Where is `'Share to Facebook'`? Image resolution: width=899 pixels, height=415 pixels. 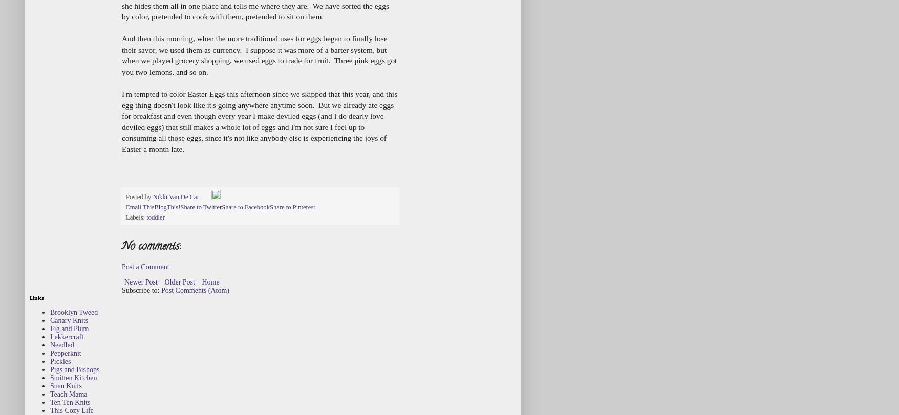 'Share to Facebook' is located at coordinates (221, 207).